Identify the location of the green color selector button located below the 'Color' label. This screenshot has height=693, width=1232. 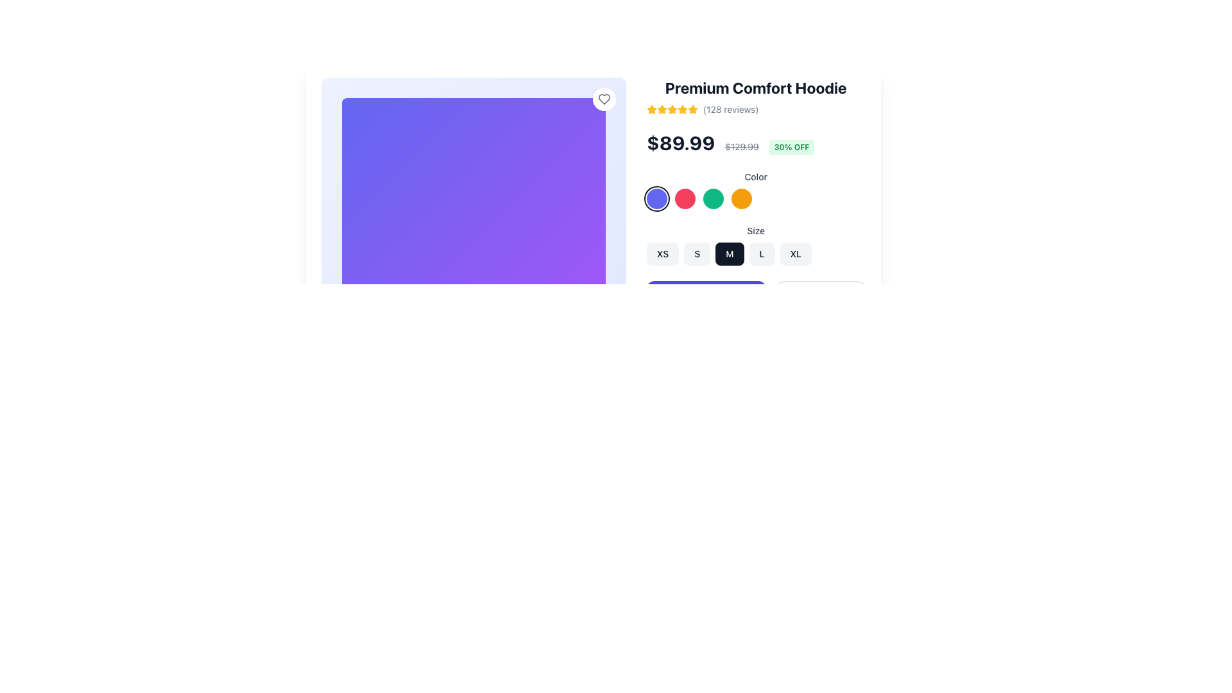
(712, 198).